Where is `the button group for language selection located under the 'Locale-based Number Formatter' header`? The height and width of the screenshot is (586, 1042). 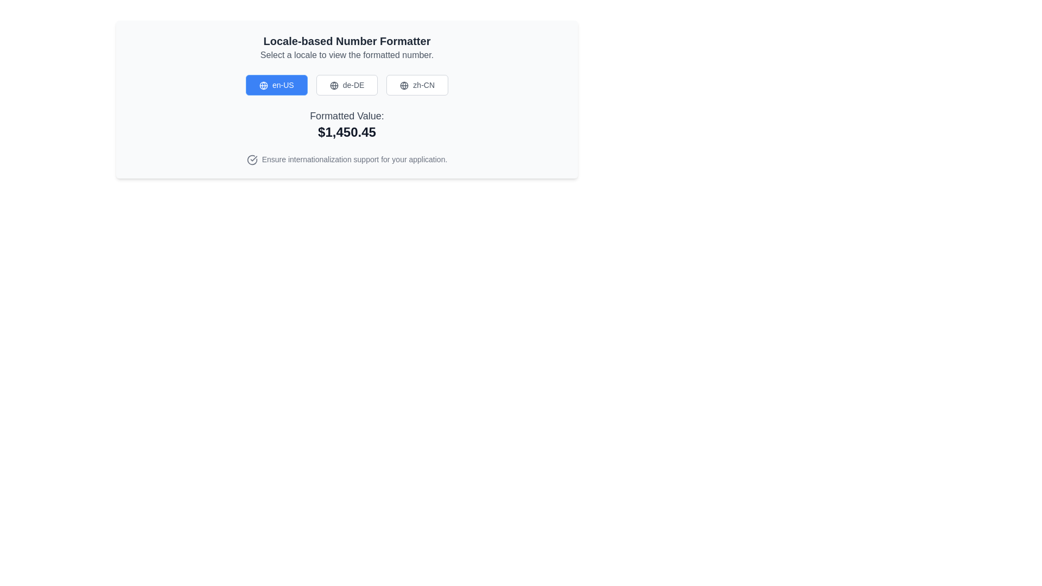
the button group for language selection located under the 'Locale-based Number Formatter' header is located at coordinates (346, 85).